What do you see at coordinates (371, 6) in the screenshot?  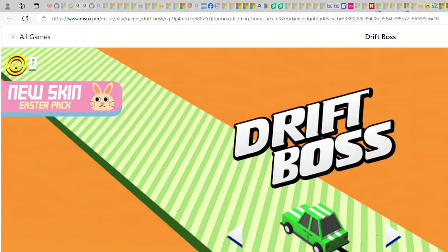 I see `'Latest Politics News & Archive | Newsweek.com'` at bounding box center [371, 6].